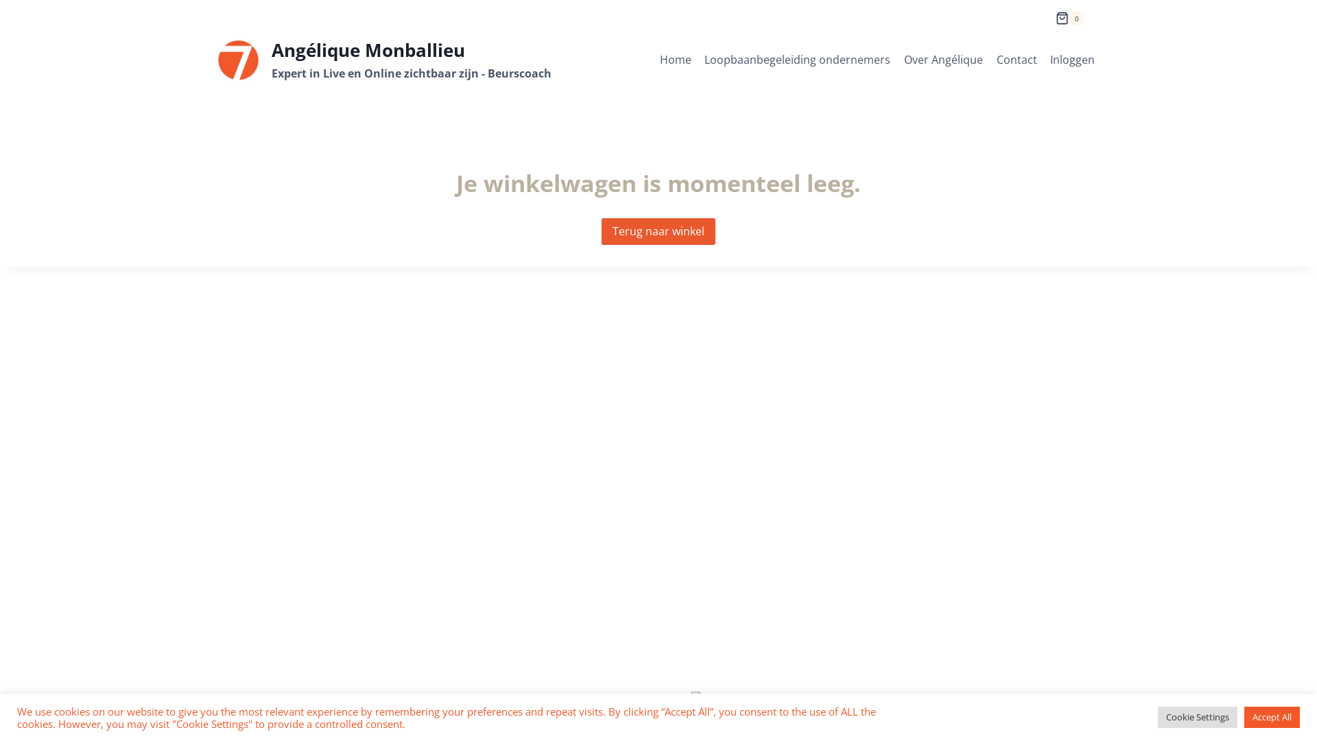 The height and width of the screenshot is (741, 1317). What do you see at coordinates (658, 230) in the screenshot?
I see `'Terug naar winkel'` at bounding box center [658, 230].